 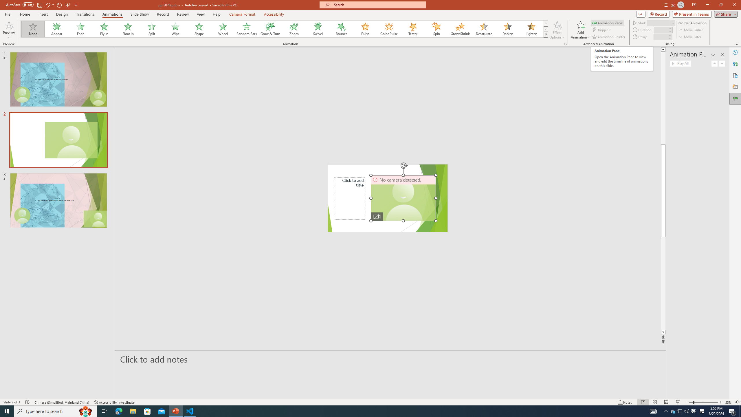 I want to click on 'Appear', so click(x=57, y=29).